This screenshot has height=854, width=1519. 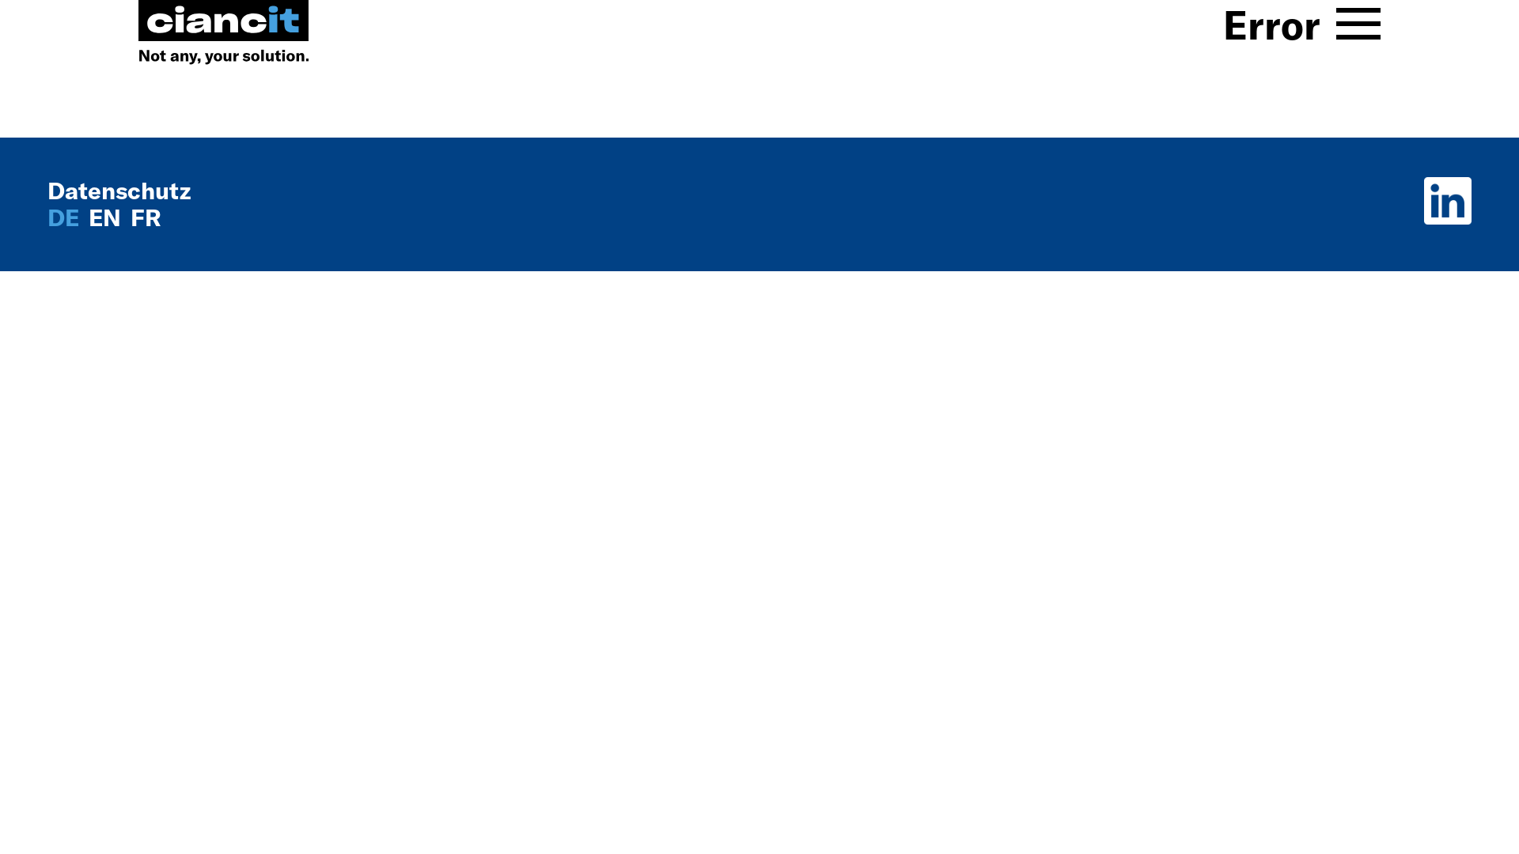 What do you see at coordinates (146, 217) in the screenshot?
I see `'FR'` at bounding box center [146, 217].